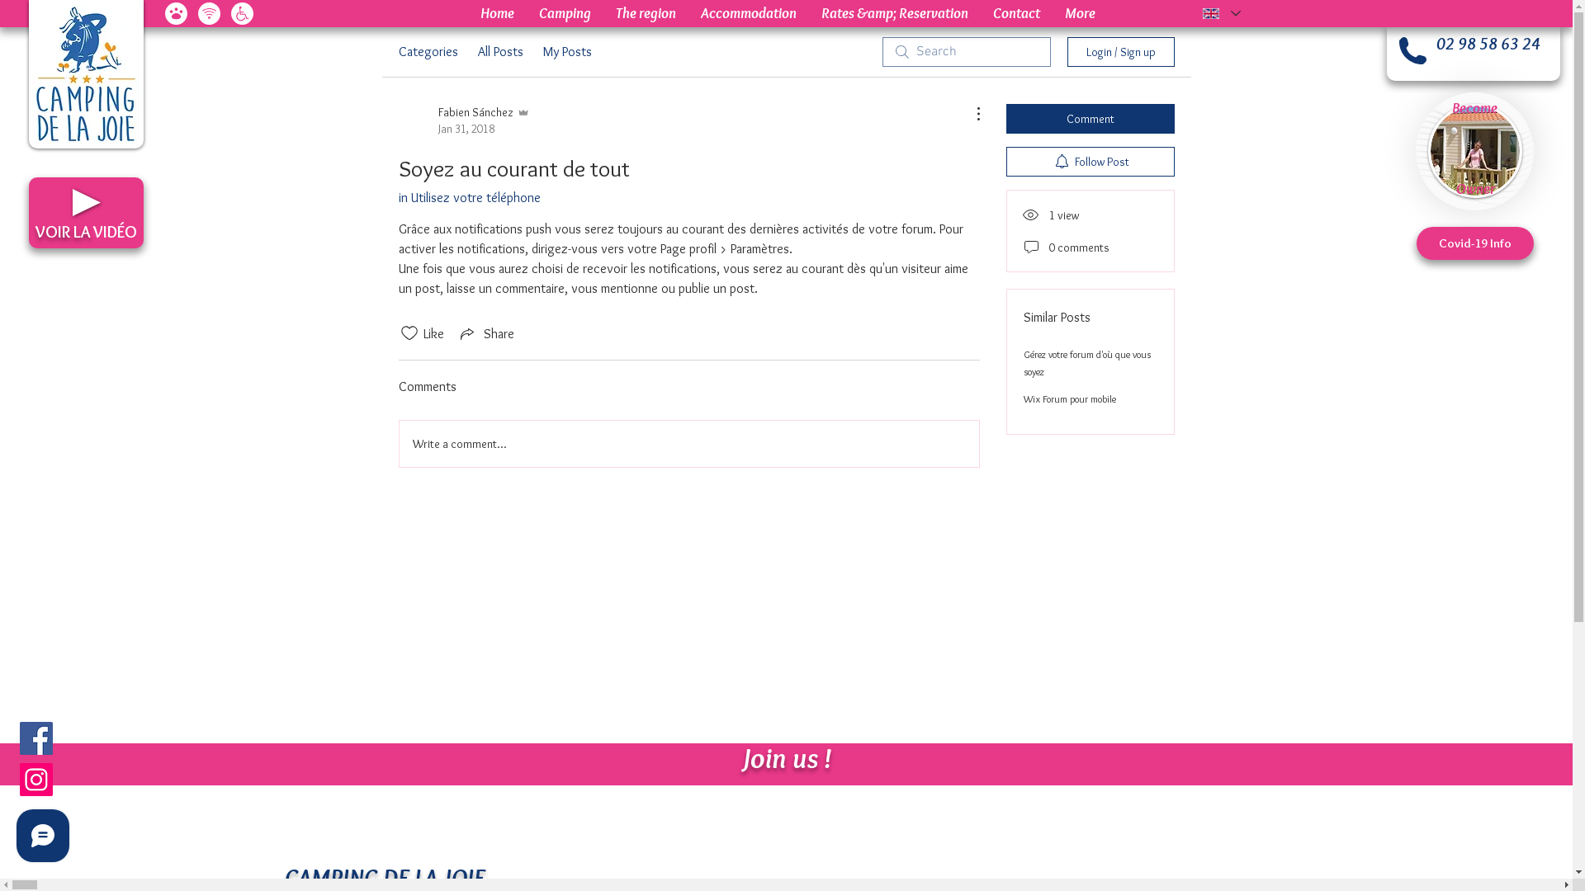  I want to click on 'Covid-19 Info', so click(1474, 243).